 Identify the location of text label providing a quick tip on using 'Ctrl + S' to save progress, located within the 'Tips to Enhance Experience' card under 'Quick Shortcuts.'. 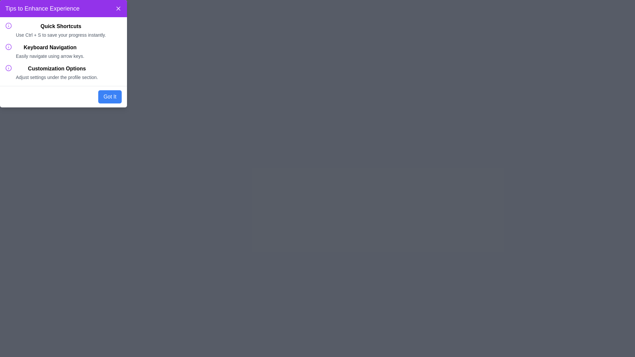
(61, 35).